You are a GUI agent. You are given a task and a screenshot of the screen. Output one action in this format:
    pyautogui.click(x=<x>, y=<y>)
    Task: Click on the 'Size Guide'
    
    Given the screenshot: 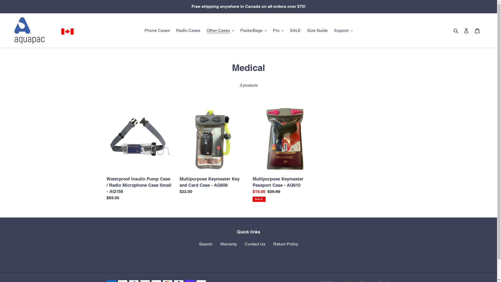 What is the action you would take?
    pyautogui.click(x=304, y=30)
    